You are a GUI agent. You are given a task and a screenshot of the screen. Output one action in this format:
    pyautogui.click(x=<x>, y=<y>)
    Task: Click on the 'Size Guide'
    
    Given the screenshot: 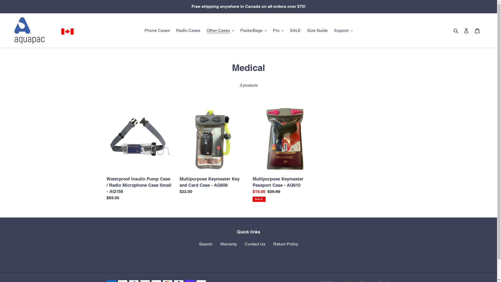 What is the action you would take?
    pyautogui.click(x=304, y=30)
    